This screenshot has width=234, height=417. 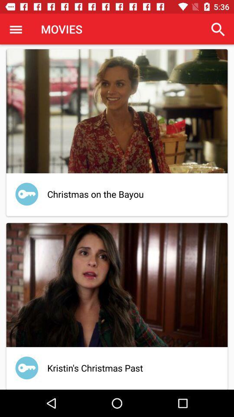 What do you see at coordinates (16, 29) in the screenshot?
I see `the app to the left of the movies` at bounding box center [16, 29].